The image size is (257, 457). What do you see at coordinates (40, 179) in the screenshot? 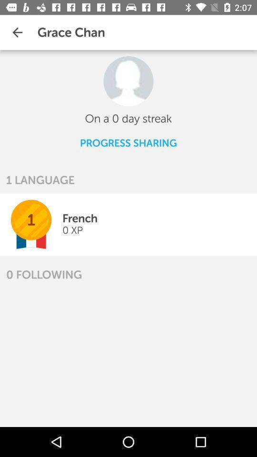
I see `item below progress sharing` at bounding box center [40, 179].